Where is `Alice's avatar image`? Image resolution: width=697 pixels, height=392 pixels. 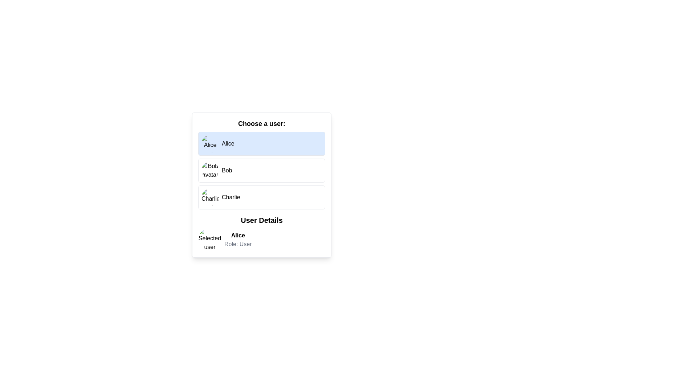
Alice's avatar image is located at coordinates (210, 144).